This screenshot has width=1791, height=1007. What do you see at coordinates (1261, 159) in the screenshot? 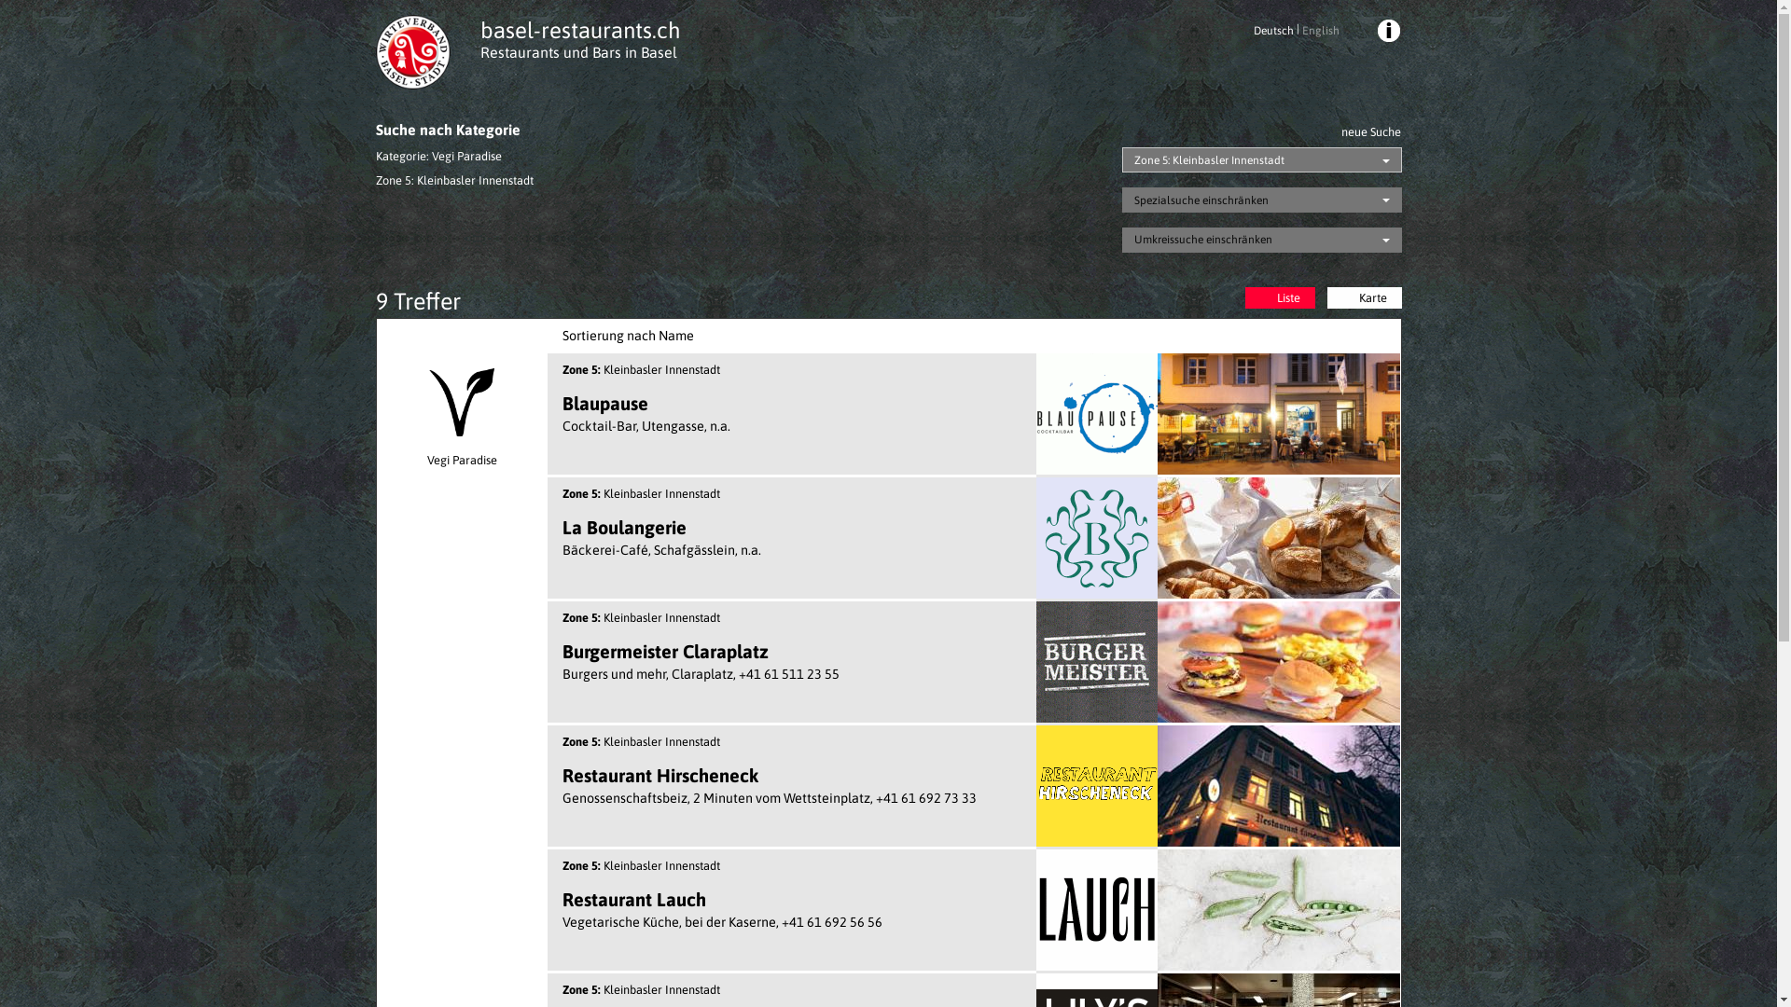
I see `'Zone 5: Kleinbasler Innenstadt'` at bounding box center [1261, 159].